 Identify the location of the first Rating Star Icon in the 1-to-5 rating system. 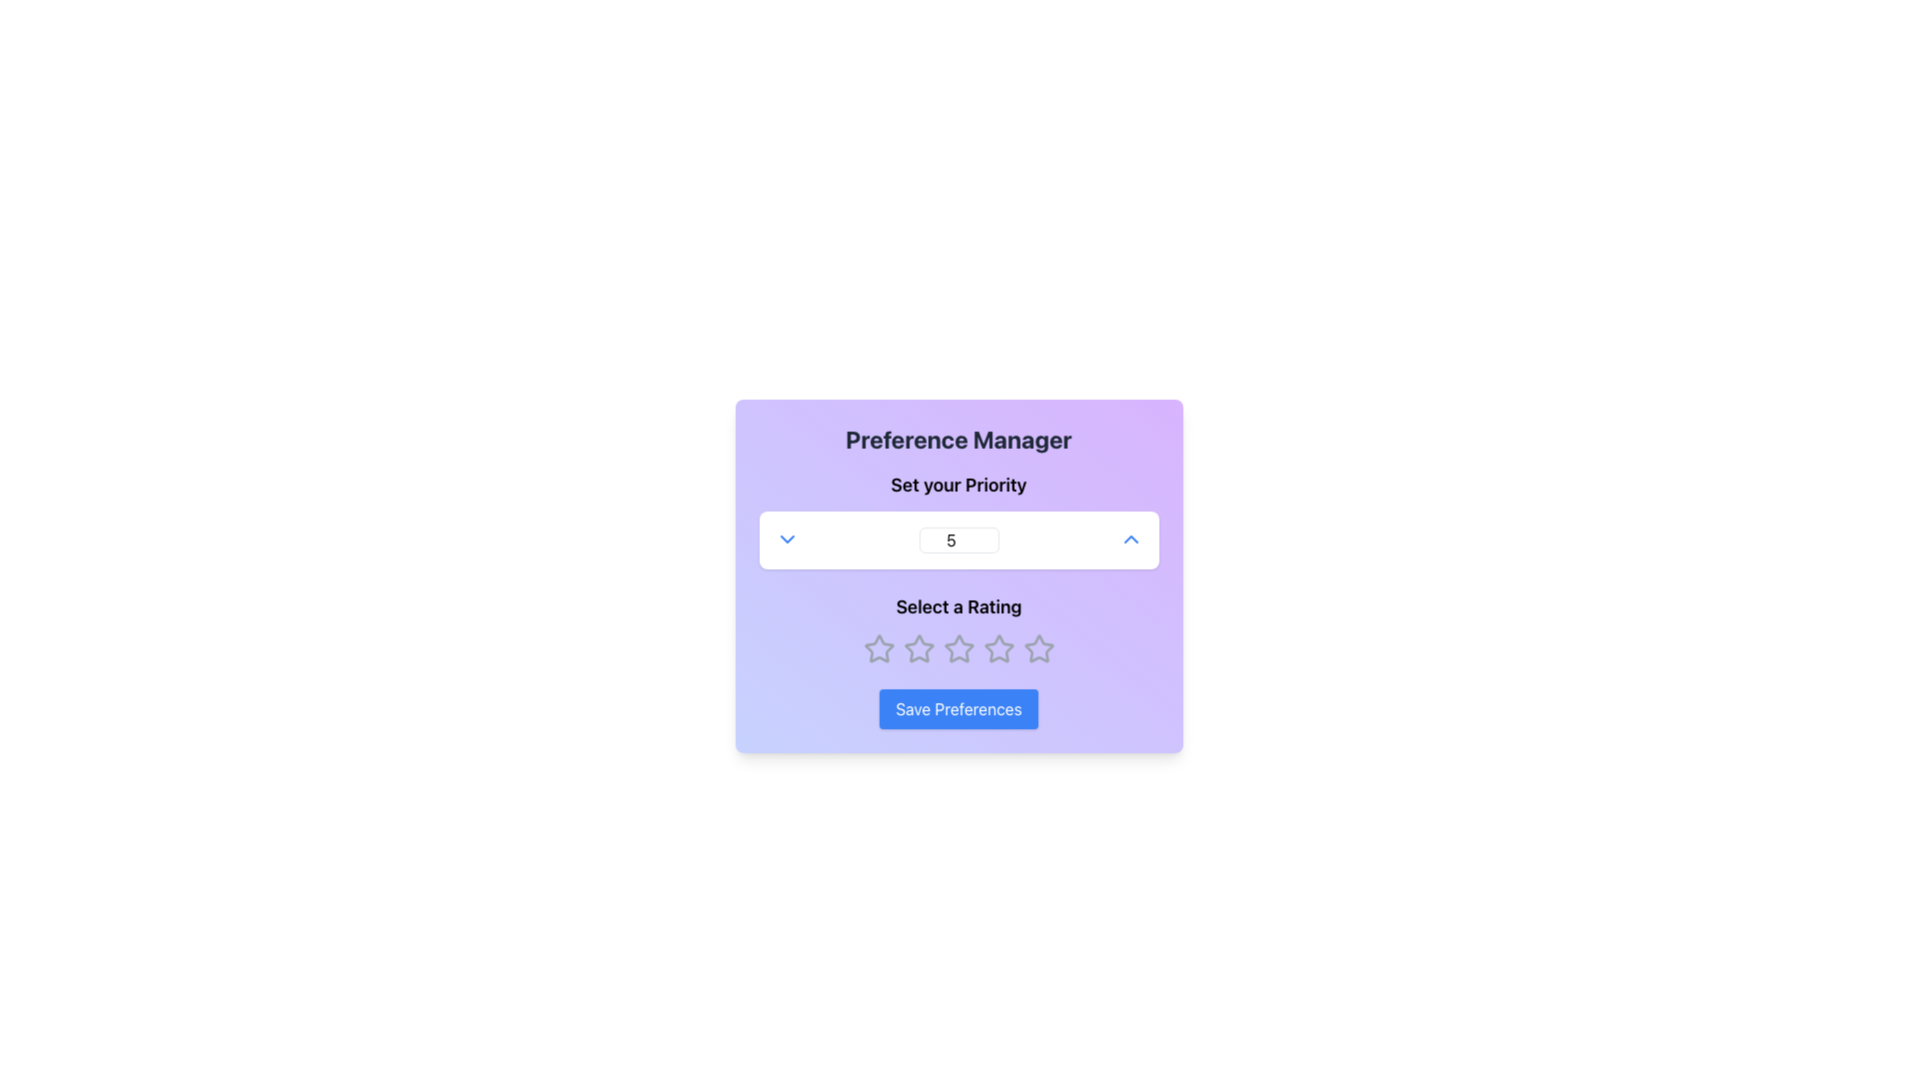
(879, 648).